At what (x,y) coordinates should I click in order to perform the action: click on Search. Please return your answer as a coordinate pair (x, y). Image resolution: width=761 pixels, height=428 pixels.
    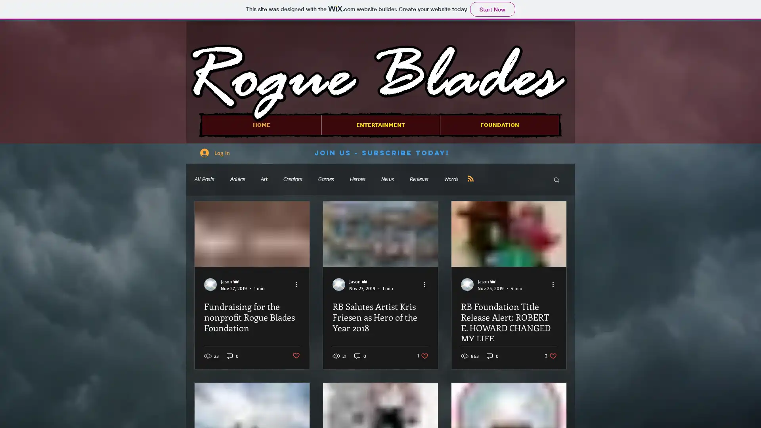
    Looking at the image, I should click on (556, 180).